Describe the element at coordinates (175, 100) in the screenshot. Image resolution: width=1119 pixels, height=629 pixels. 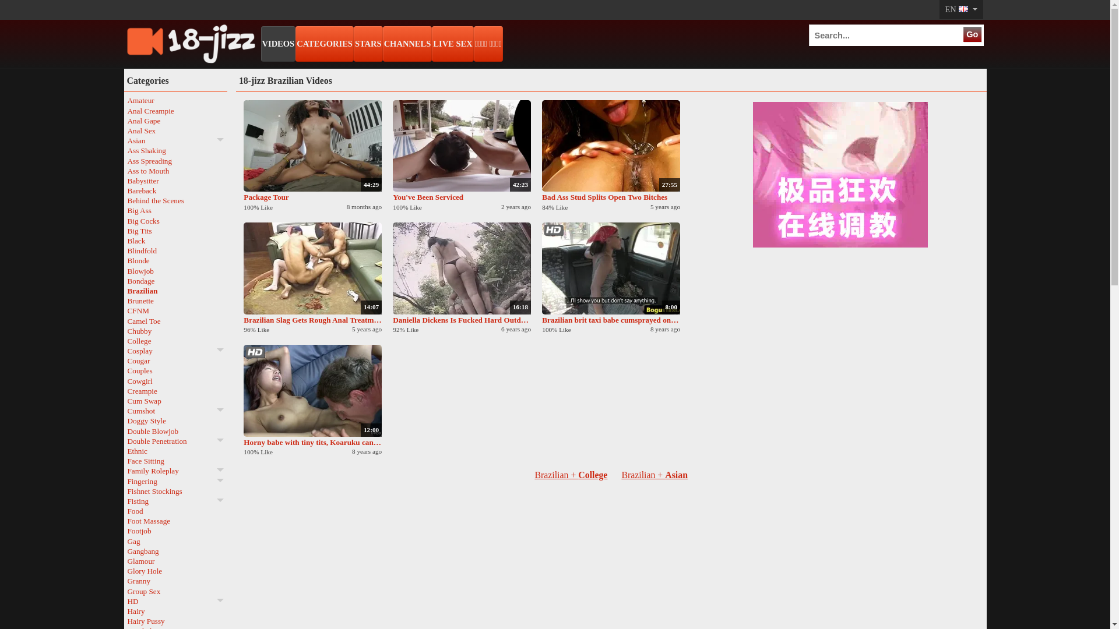
I see `'Amateur'` at that location.